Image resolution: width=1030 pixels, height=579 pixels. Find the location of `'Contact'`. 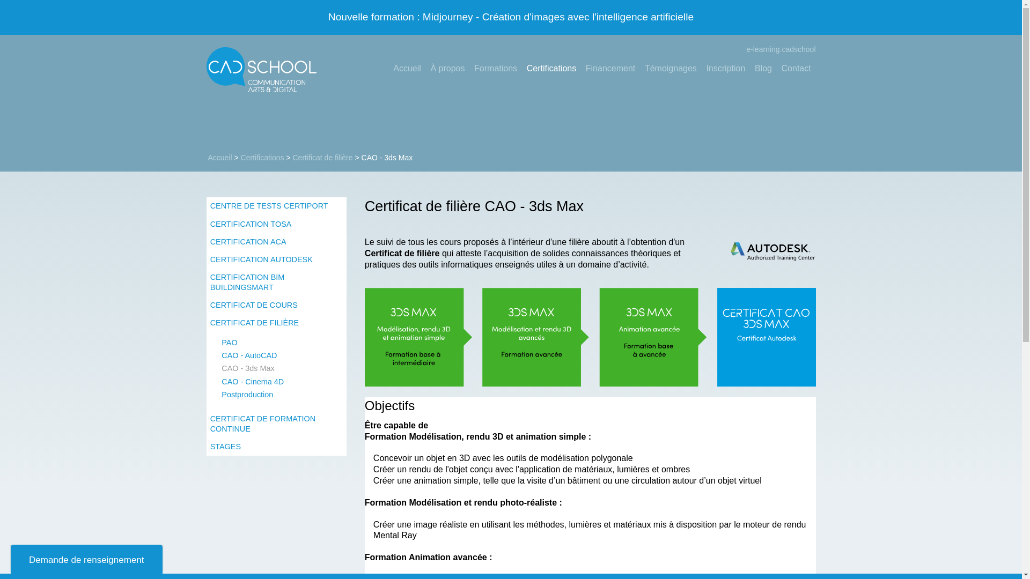

'Contact' is located at coordinates (796, 68).